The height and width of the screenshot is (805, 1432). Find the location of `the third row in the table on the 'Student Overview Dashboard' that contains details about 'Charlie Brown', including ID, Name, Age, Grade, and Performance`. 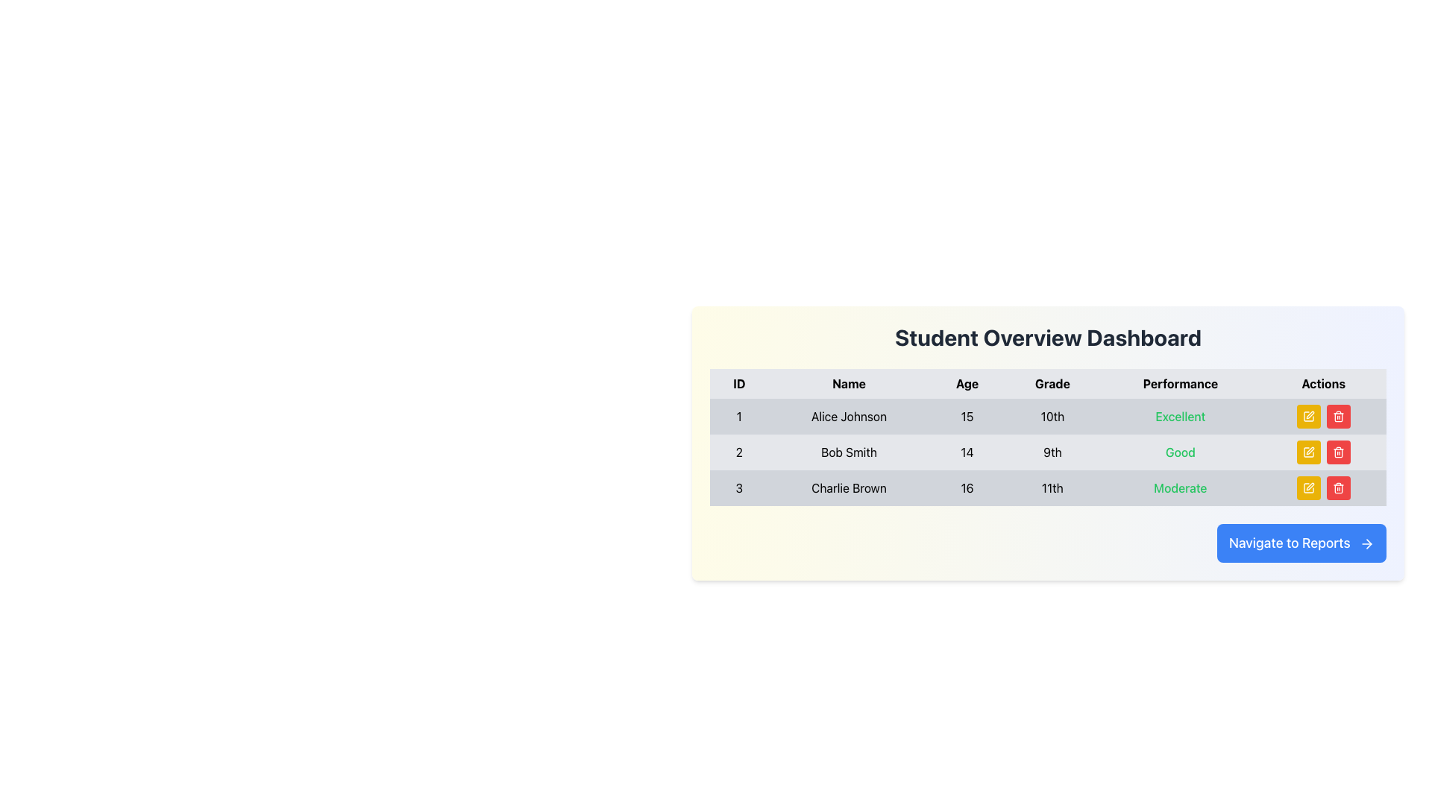

the third row in the table on the 'Student Overview Dashboard' that contains details about 'Charlie Brown', including ID, Name, Age, Grade, and Performance is located at coordinates (1047, 488).